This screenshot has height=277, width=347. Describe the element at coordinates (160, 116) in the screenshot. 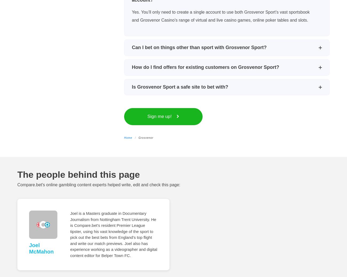

I see `'Sign me up!'` at that location.